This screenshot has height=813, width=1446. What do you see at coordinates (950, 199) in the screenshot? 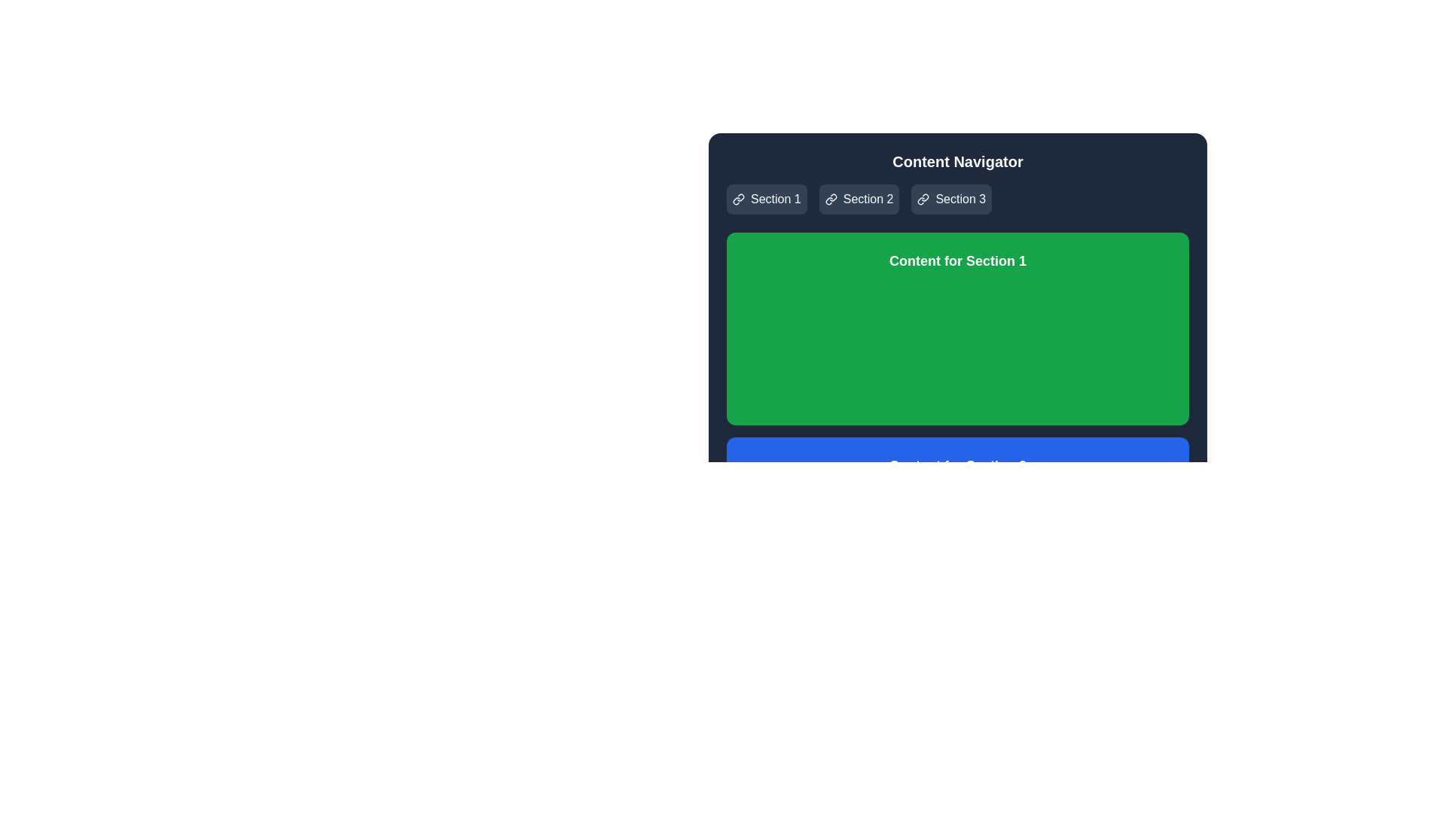
I see `the button labeled 'Section 3' with a small link icon` at bounding box center [950, 199].